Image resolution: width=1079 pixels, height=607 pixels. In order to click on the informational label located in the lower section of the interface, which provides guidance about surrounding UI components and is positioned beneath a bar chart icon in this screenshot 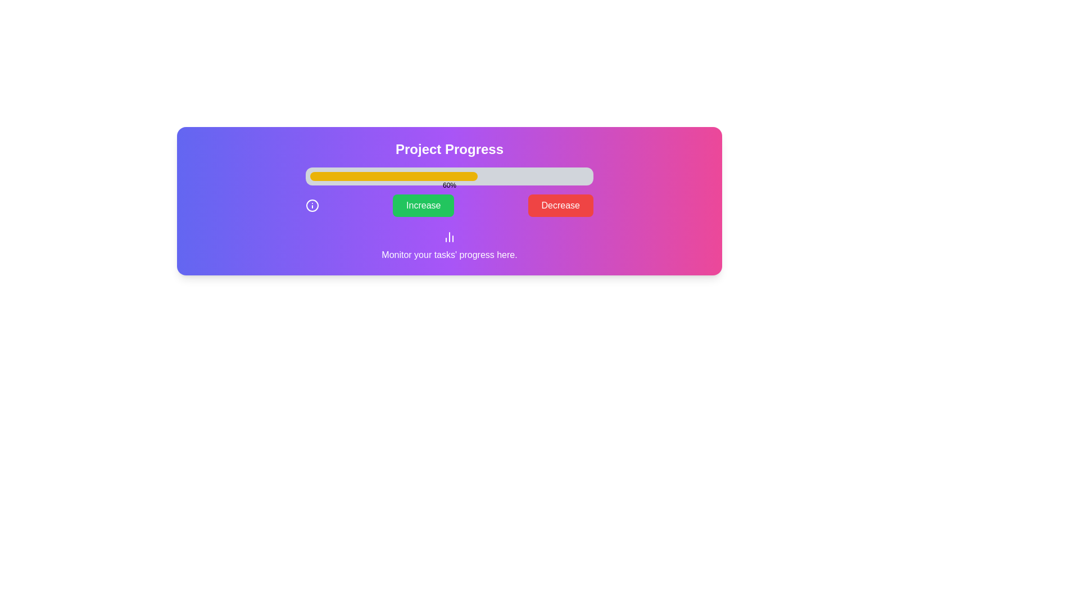, I will do `click(450, 255)`.